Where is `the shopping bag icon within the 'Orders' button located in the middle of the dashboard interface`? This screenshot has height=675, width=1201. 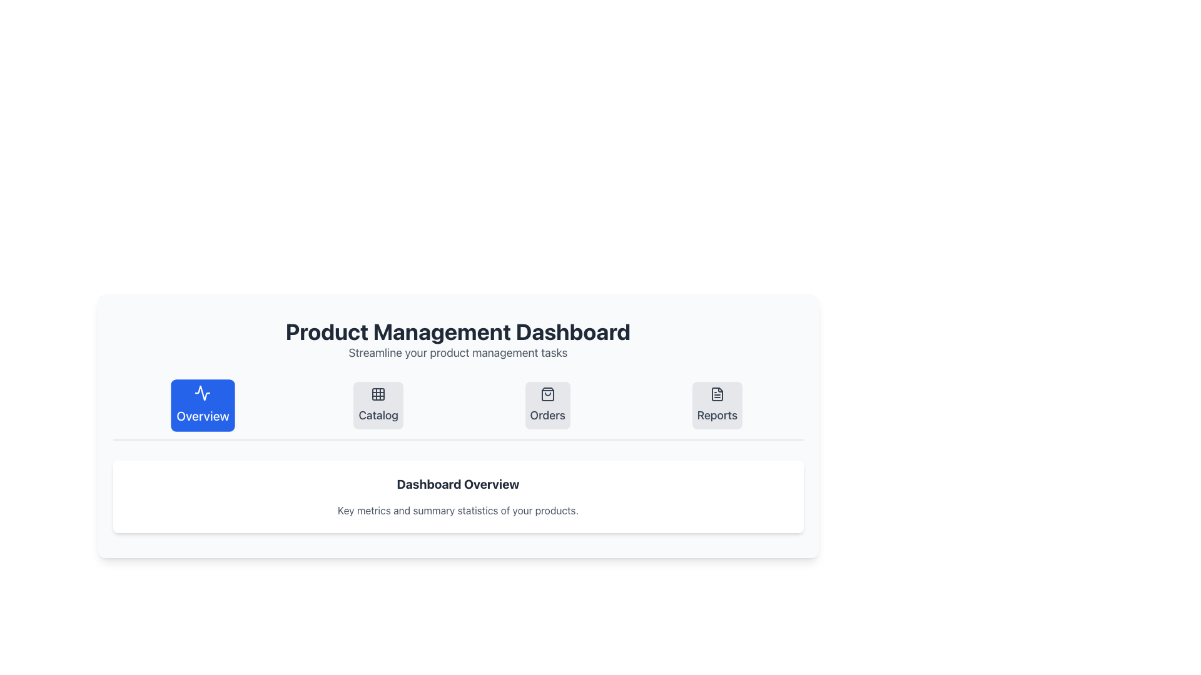 the shopping bag icon within the 'Orders' button located in the middle of the dashboard interface is located at coordinates (547, 394).